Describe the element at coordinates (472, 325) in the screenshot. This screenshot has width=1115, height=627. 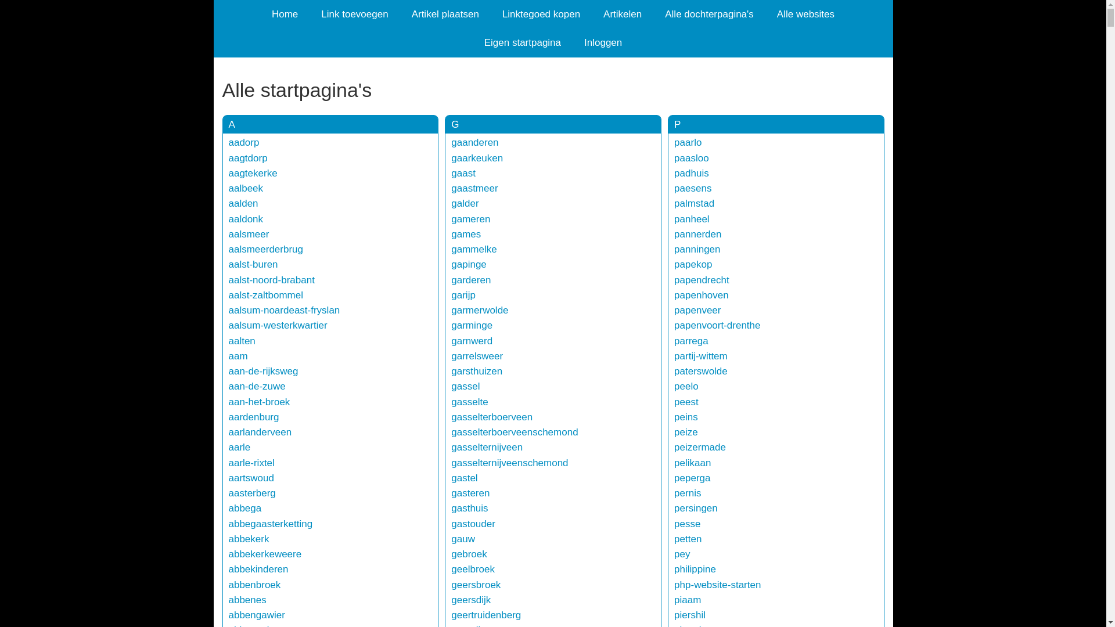
I see `'garminge'` at that location.